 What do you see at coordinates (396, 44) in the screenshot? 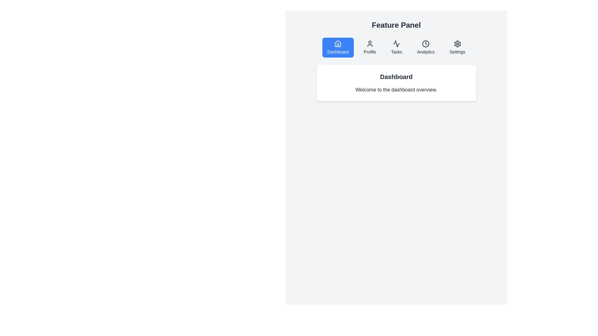
I see `the decorative icon representing the 'Tasks' section located in the horizontal navigation bar under the 'Feature Panel' header to interact with this section` at bounding box center [396, 44].